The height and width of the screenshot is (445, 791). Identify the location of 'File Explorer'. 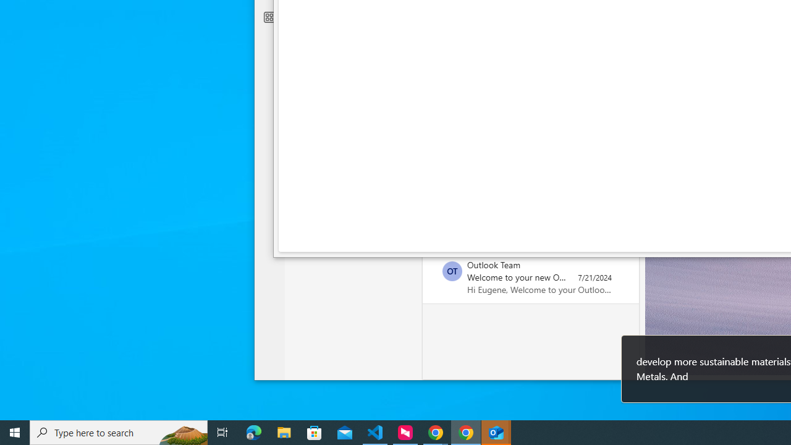
(284, 431).